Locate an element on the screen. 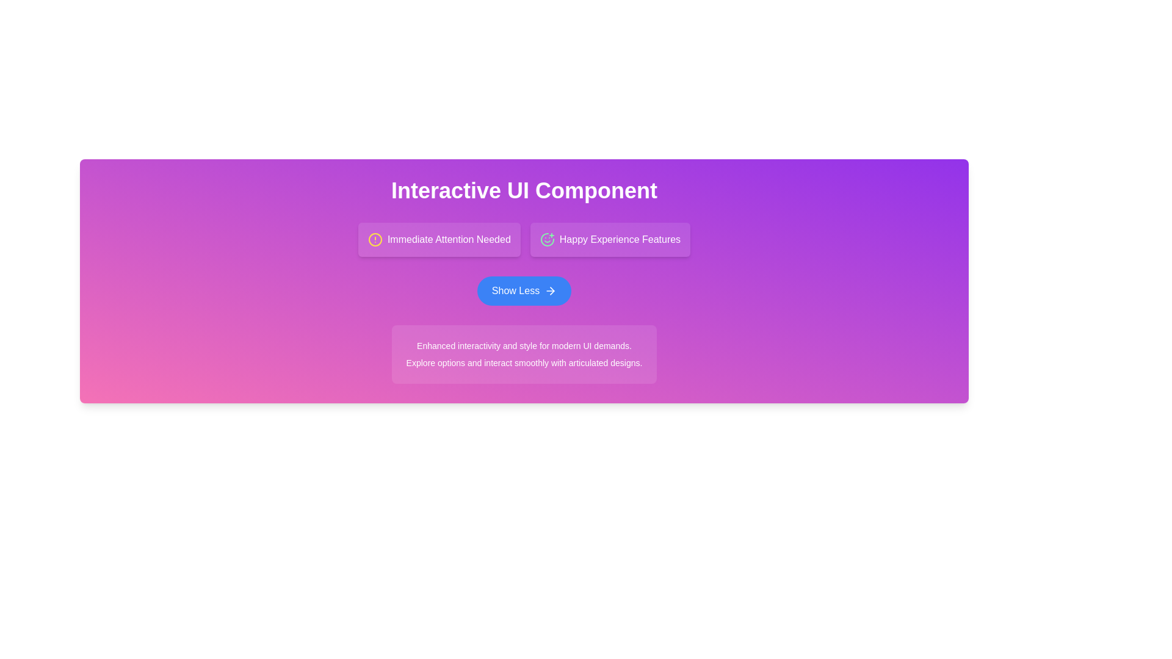 The height and width of the screenshot is (659, 1172). the text label that reads 'Immediate Attention Needed', which is styled in a standard, sans-serif font and appears white against a gradient background is located at coordinates (448, 240).